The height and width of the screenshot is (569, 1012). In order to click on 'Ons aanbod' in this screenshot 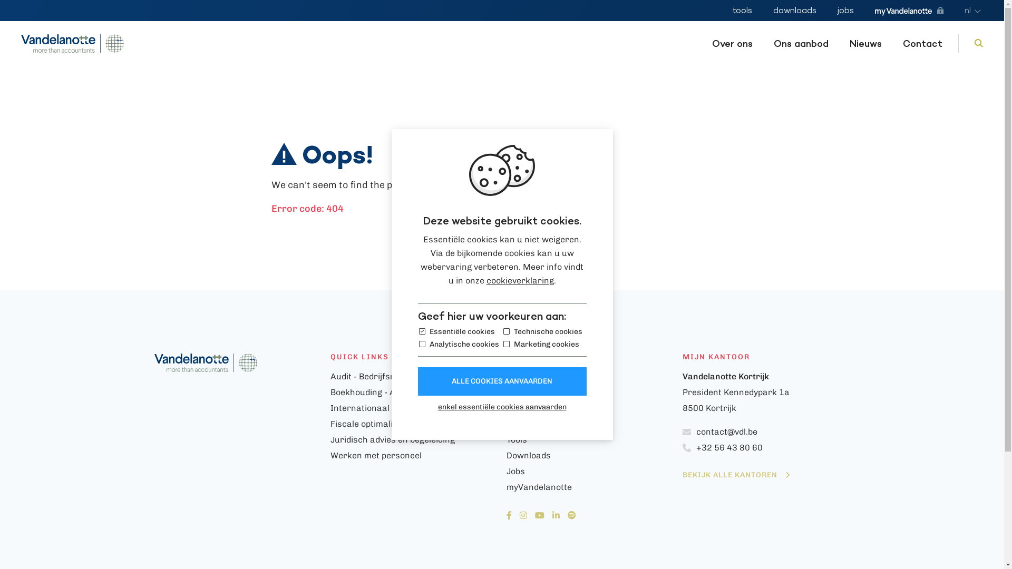, I will do `click(801, 42)`.